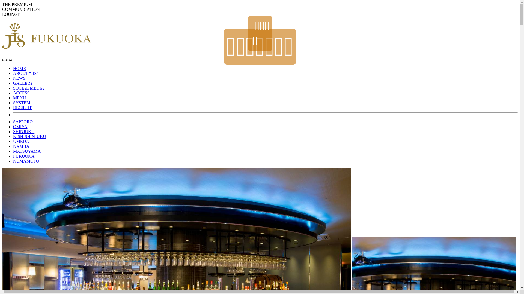 This screenshot has width=524, height=294. I want to click on 'ACCESS', so click(13, 93).